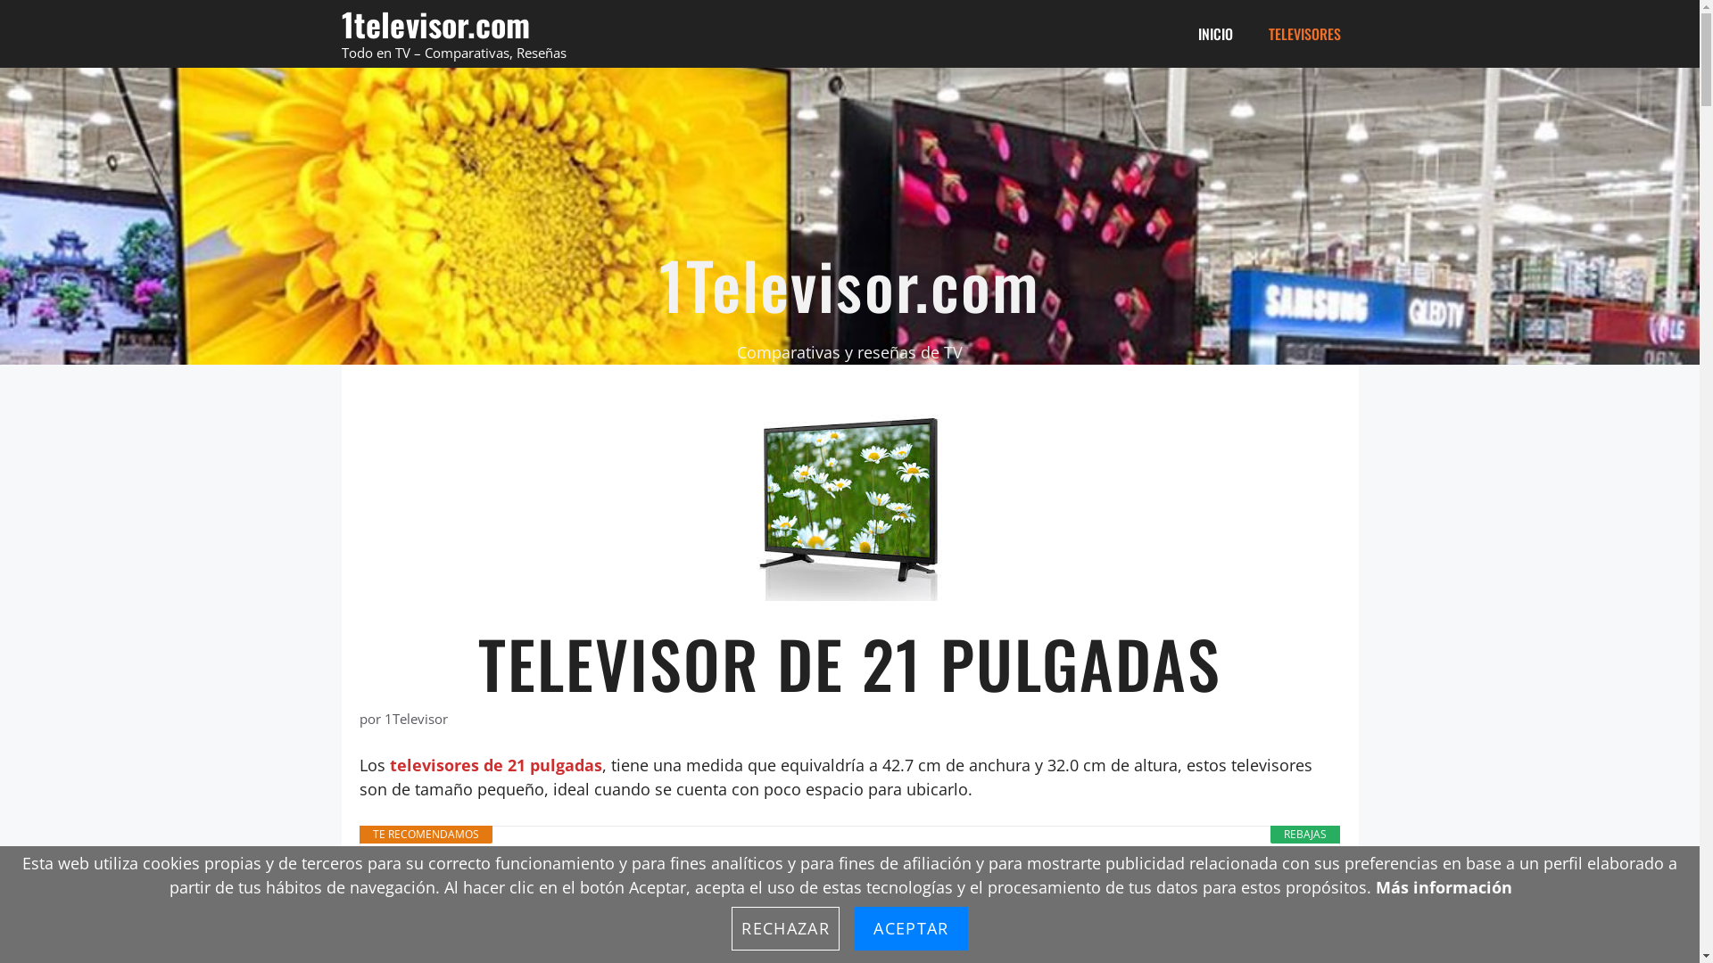 The height and width of the screenshot is (963, 1713). I want to click on 'INICIO', so click(1213, 34).